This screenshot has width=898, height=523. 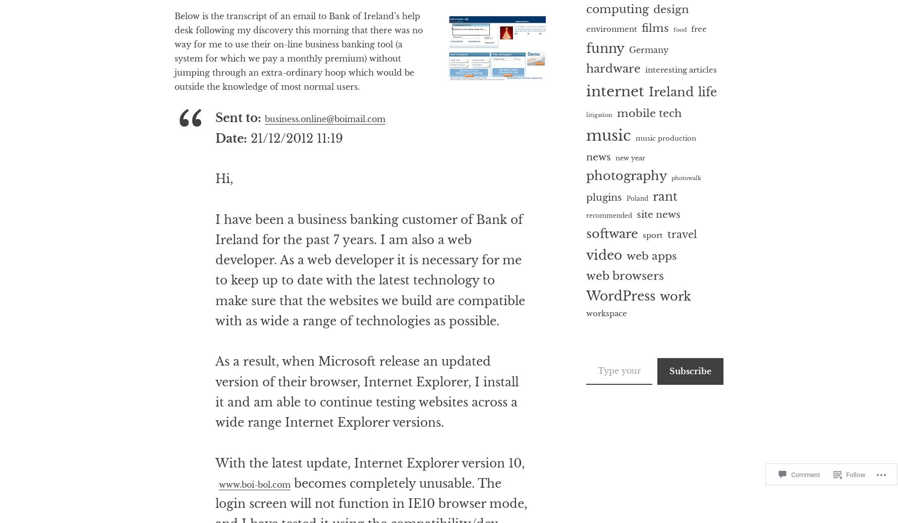 What do you see at coordinates (599, 114) in the screenshot?
I see `'litigation'` at bounding box center [599, 114].